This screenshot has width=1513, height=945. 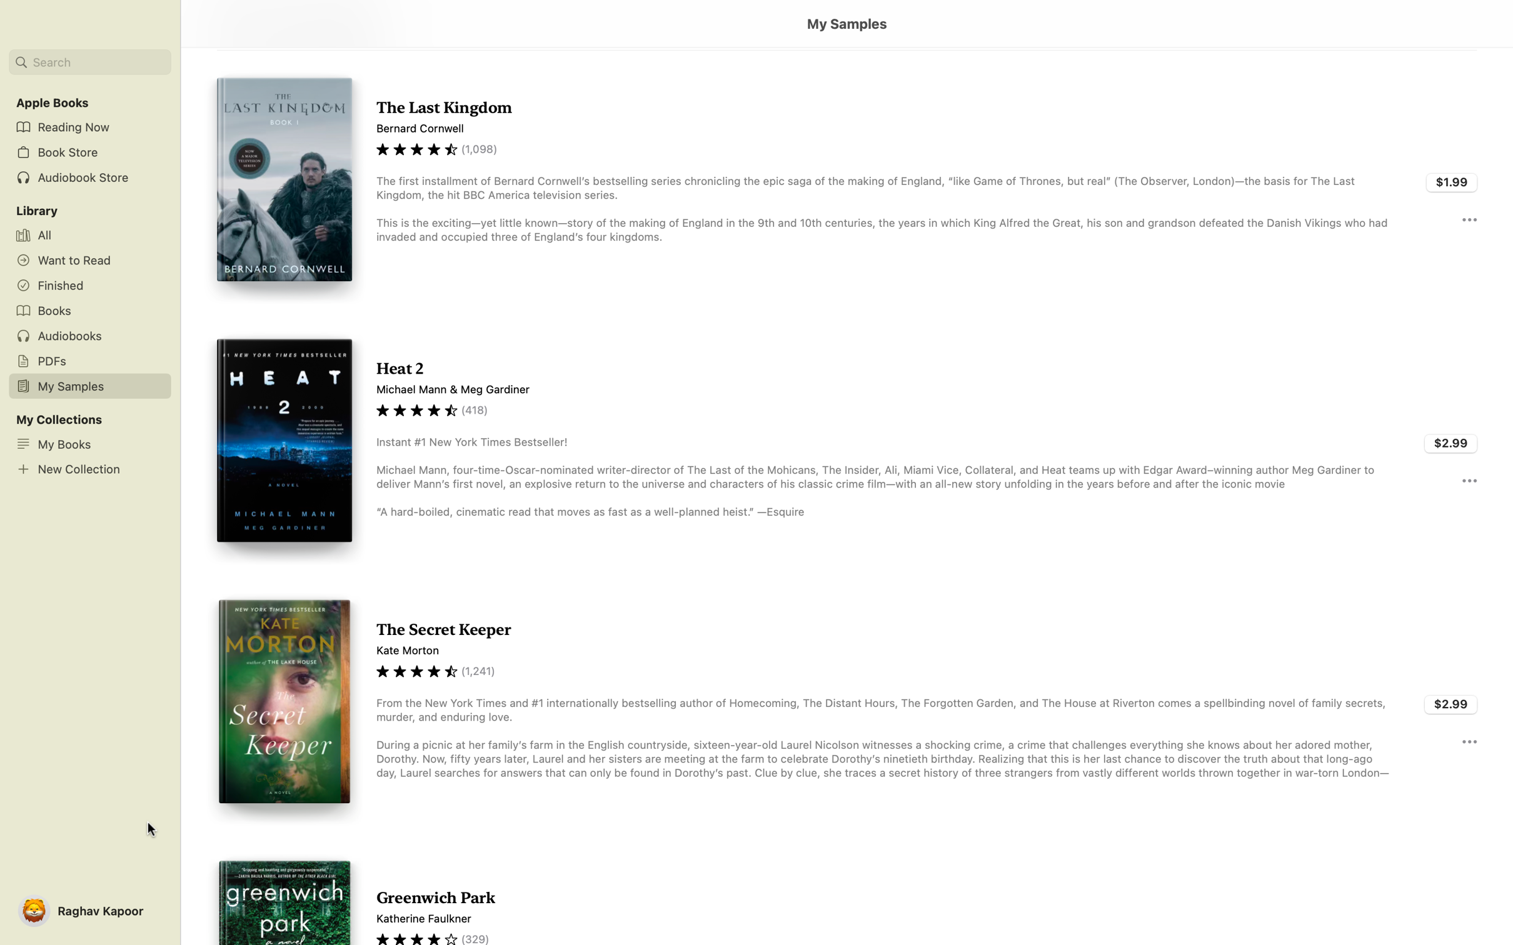 I want to click on Execute the action of reading the "Greenwich Park" sample, so click(x=846, y=891).